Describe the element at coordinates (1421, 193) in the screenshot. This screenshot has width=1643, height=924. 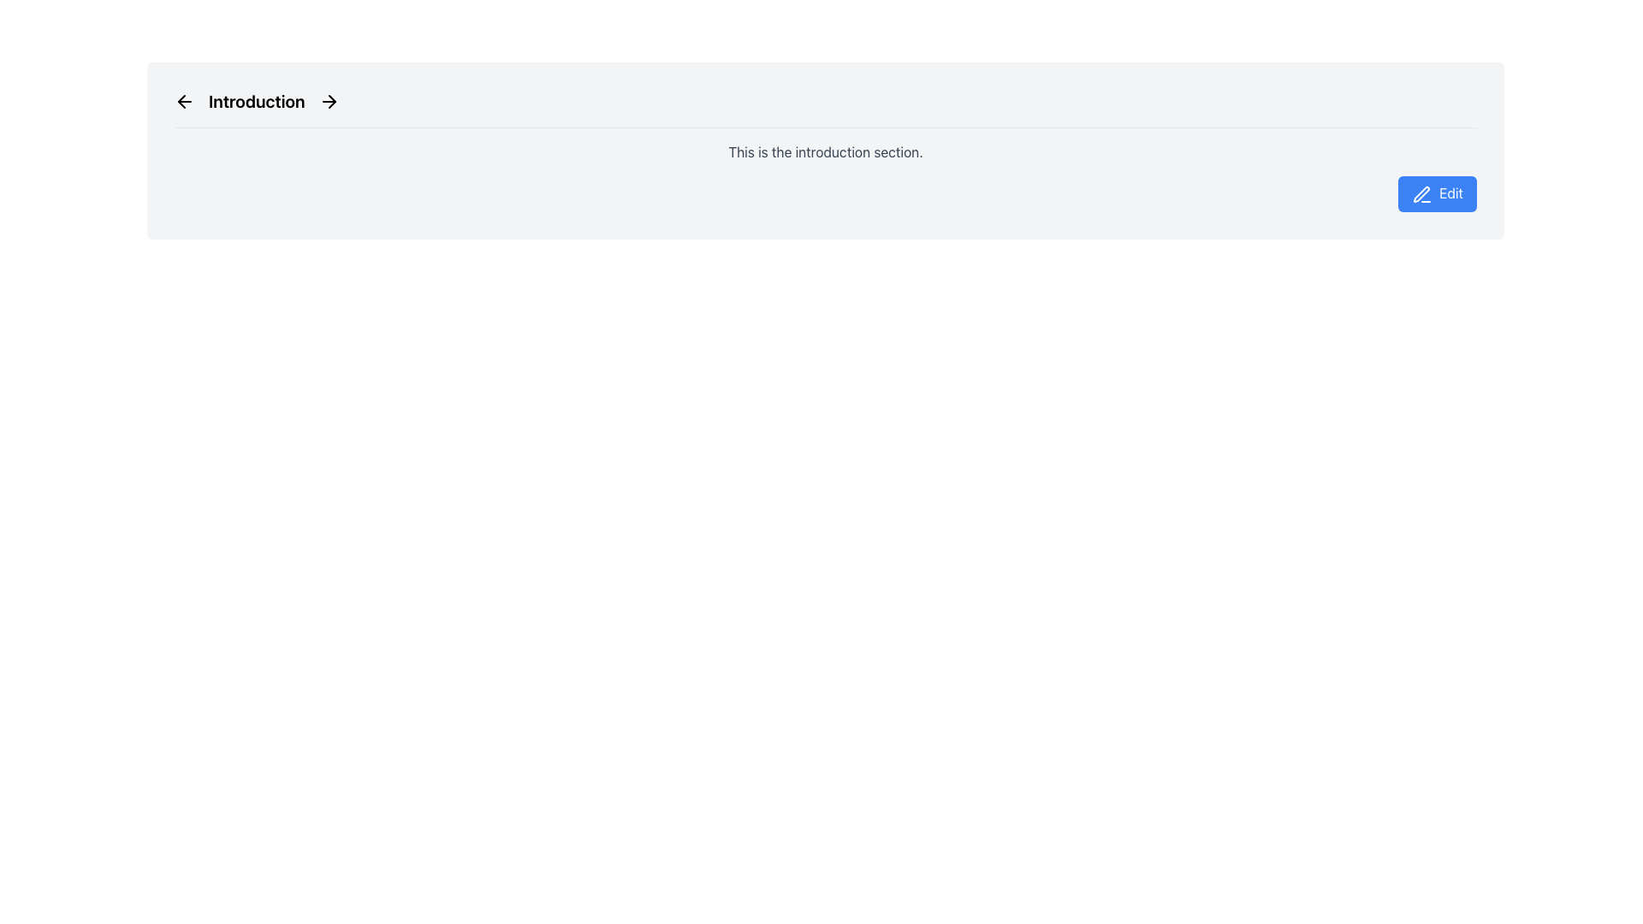
I see `the pen icon located within the 'Edit' button at the top right of the interface for interaction` at that location.